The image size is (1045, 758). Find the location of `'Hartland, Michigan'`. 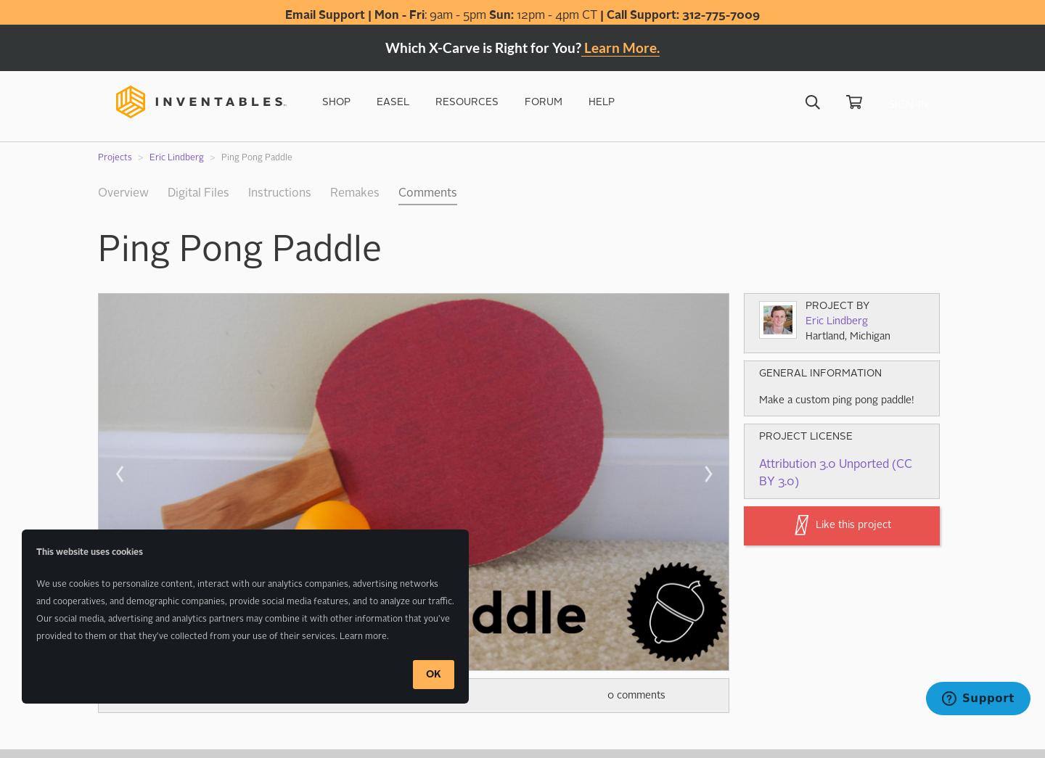

'Hartland, Michigan' is located at coordinates (848, 336).